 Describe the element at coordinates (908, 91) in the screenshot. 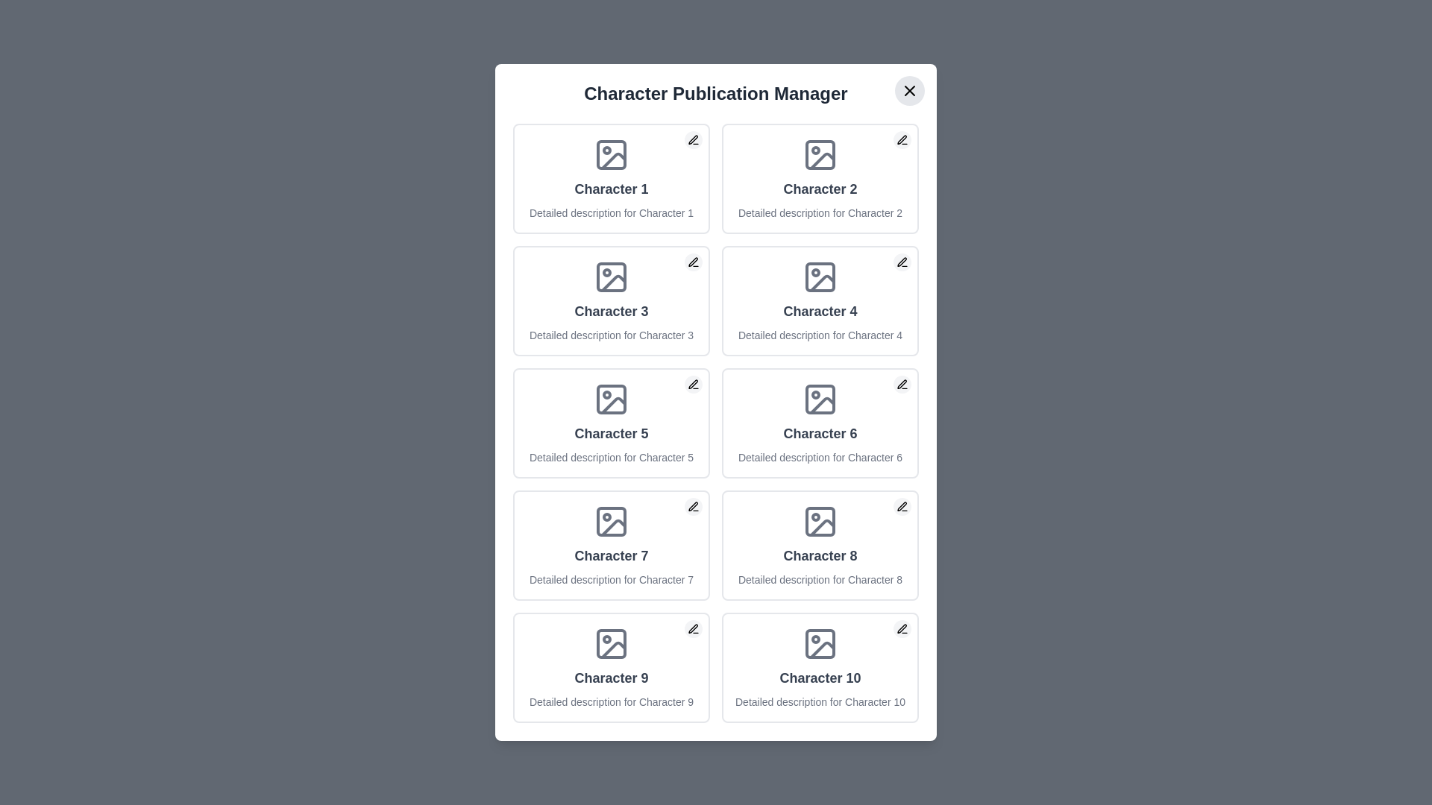

I see `the close button in the top-right corner of the dialog` at that location.